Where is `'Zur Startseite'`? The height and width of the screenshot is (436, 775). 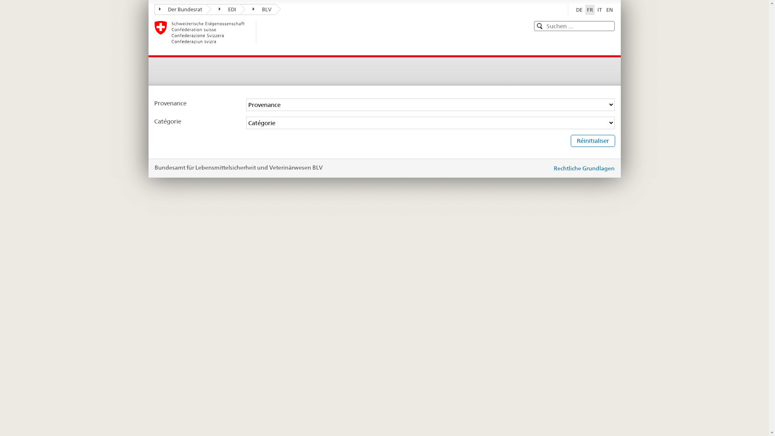 'Zur Startseite' is located at coordinates (205, 32).